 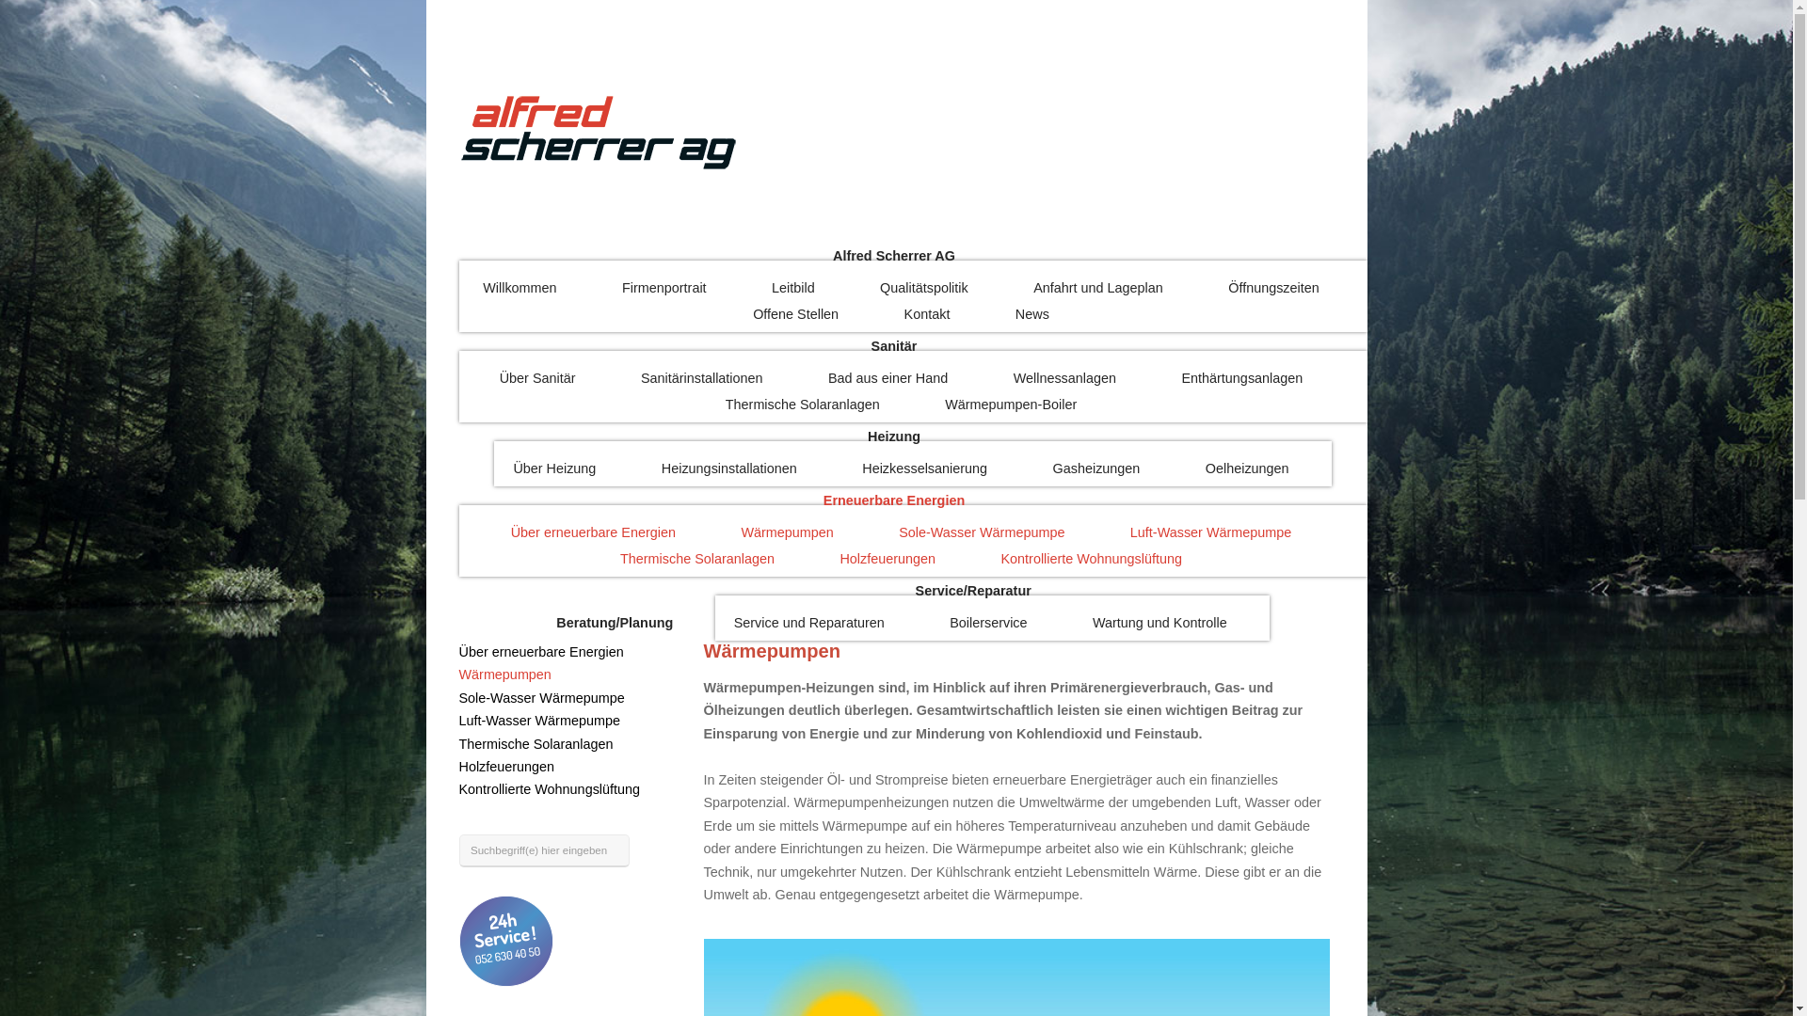 I want to click on 'Heizkesselsanierung', so click(x=924, y=471).